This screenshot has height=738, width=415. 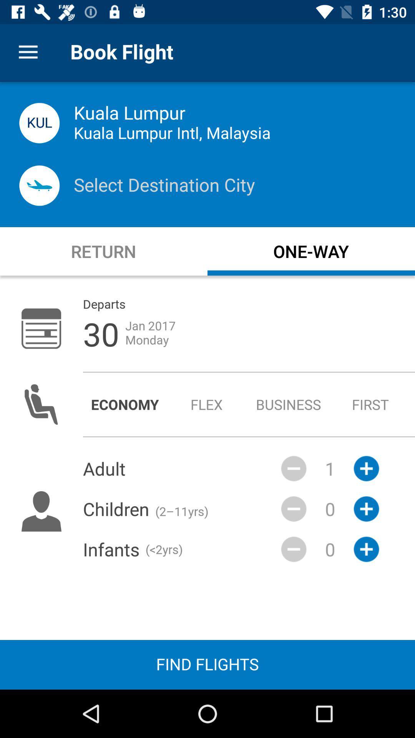 What do you see at coordinates (289, 404) in the screenshot?
I see `radio button next to the flex icon` at bounding box center [289, 404].